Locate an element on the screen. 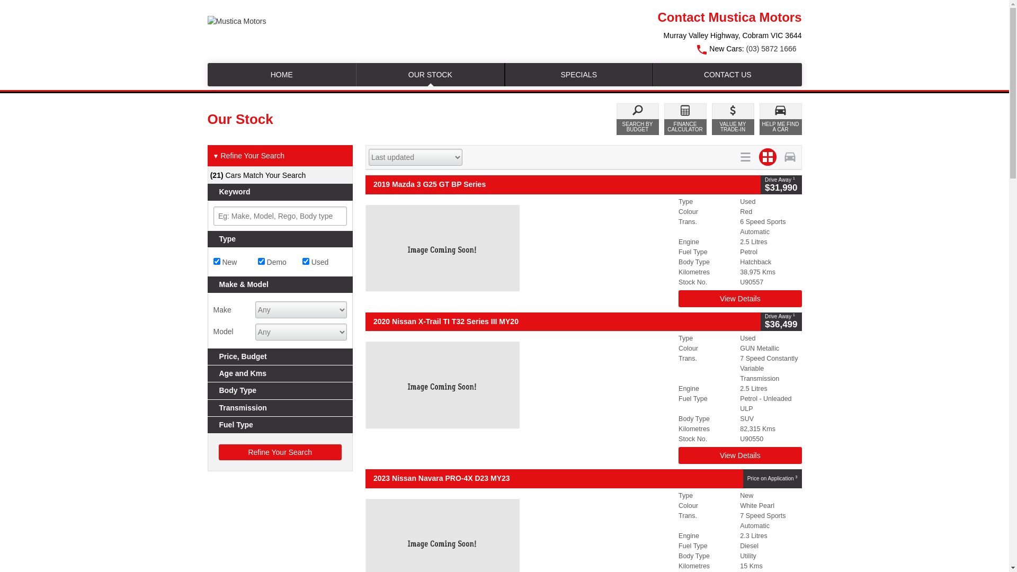  'OUR STOCK' is located at coordinates (430, 74).